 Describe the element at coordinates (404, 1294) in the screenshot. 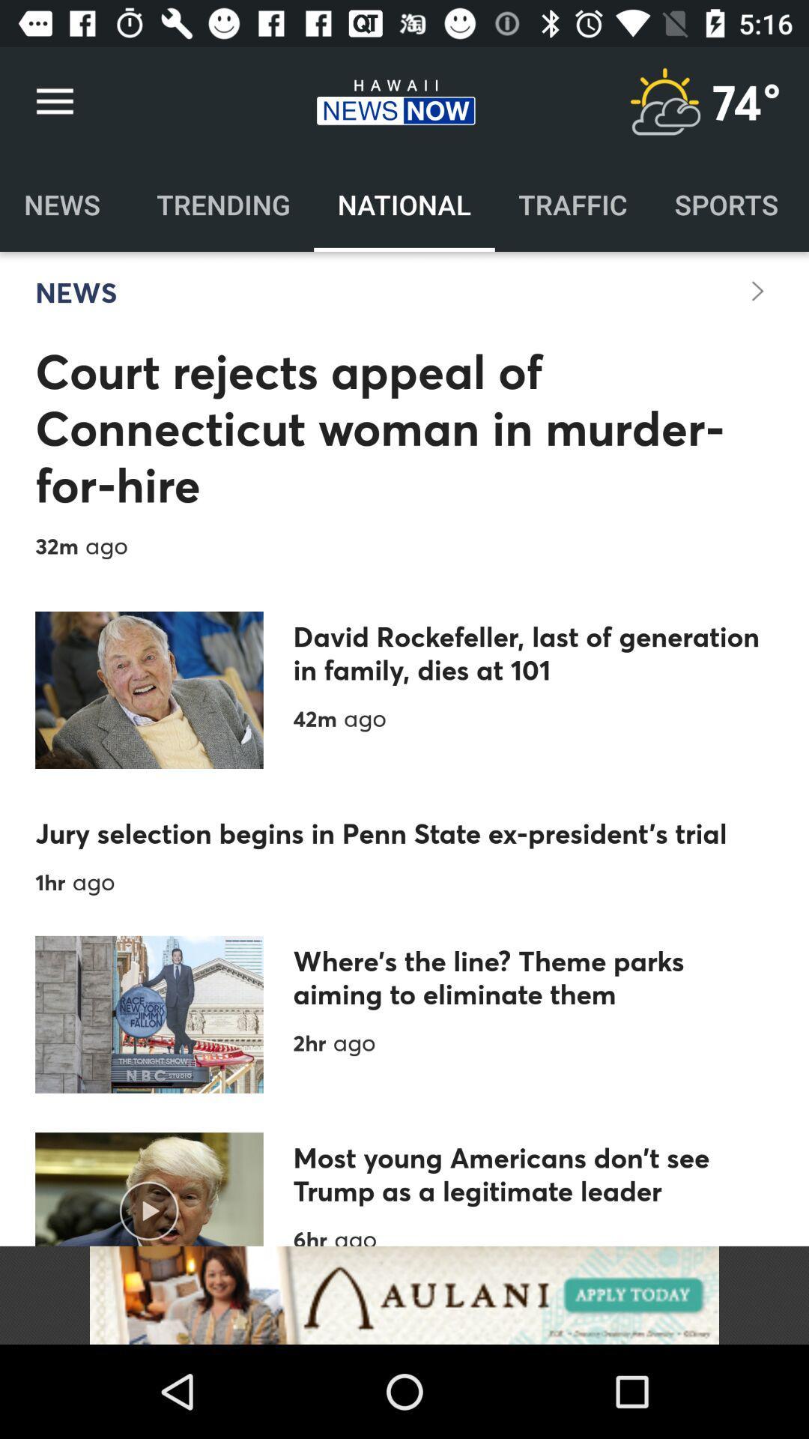

I see `aulani advertisement` at that location.